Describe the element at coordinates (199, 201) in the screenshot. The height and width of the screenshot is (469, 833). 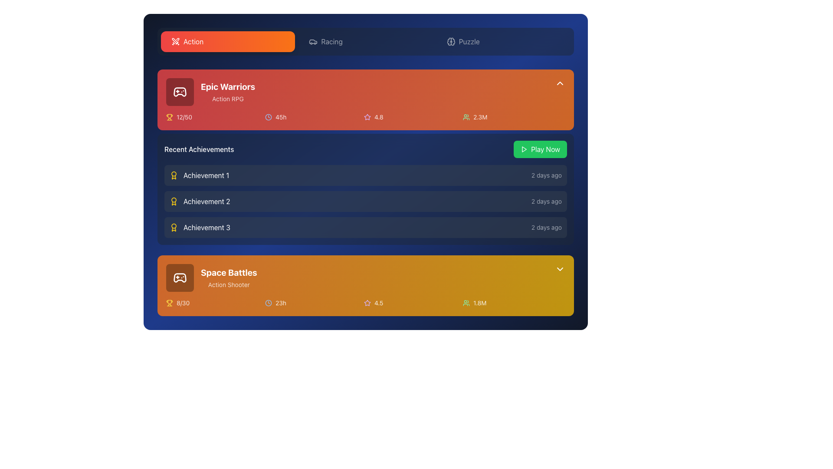
I see `the list item displaying 'Achievement 2' within the 'Recent Achievements' list` at that location.